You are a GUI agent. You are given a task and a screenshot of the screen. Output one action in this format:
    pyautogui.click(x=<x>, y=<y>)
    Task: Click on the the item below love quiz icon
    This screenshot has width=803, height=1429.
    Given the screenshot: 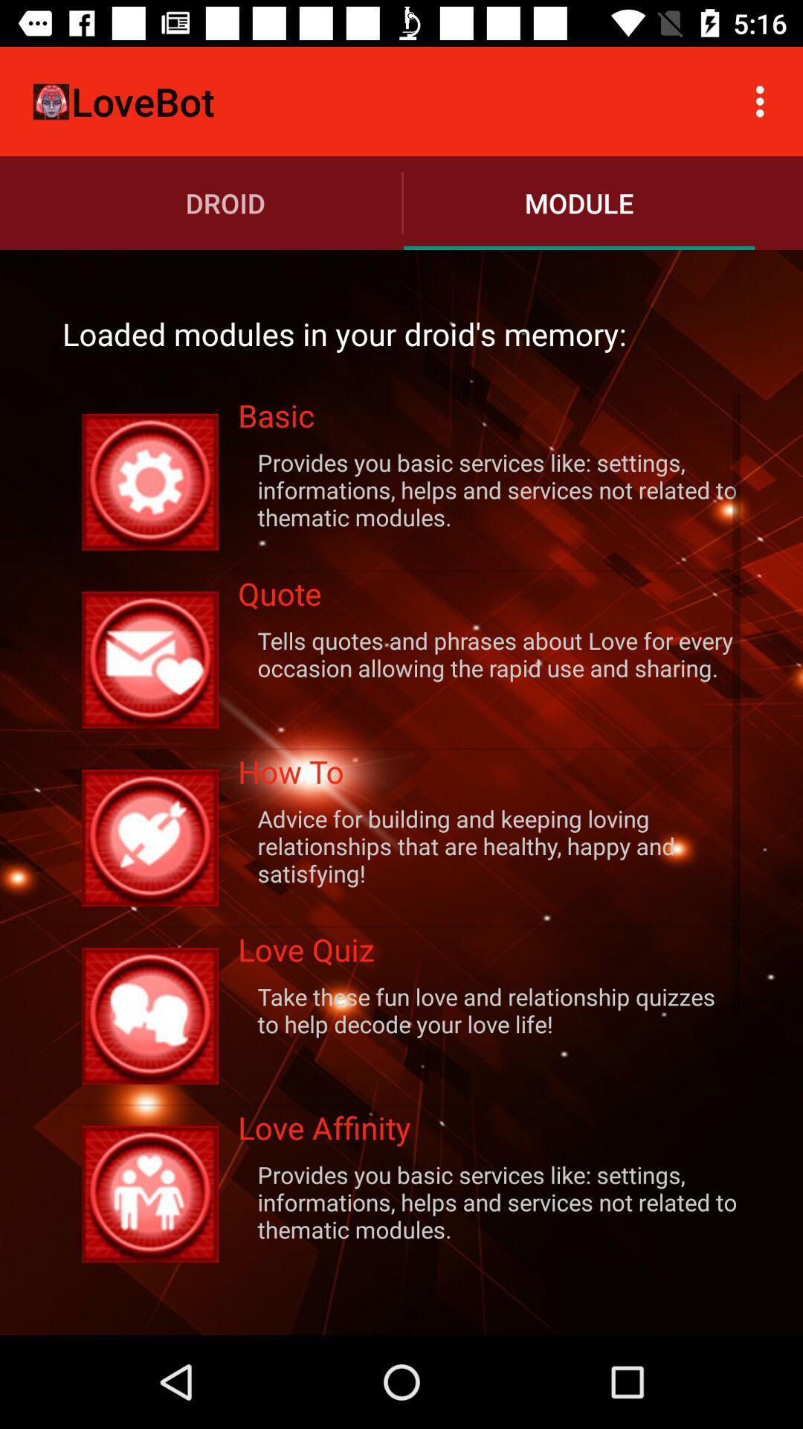 What is the action you would take?
    pyautogui.click(x=489, y=1010)
    